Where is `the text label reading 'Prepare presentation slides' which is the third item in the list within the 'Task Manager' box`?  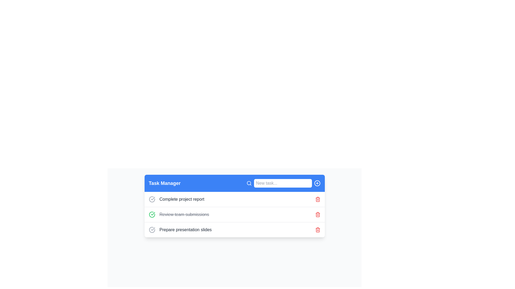 the text label reading 'Prepare presentation slides' which is the third item in the list within the 'Task Manager' box is located at coordinates (185, 230).